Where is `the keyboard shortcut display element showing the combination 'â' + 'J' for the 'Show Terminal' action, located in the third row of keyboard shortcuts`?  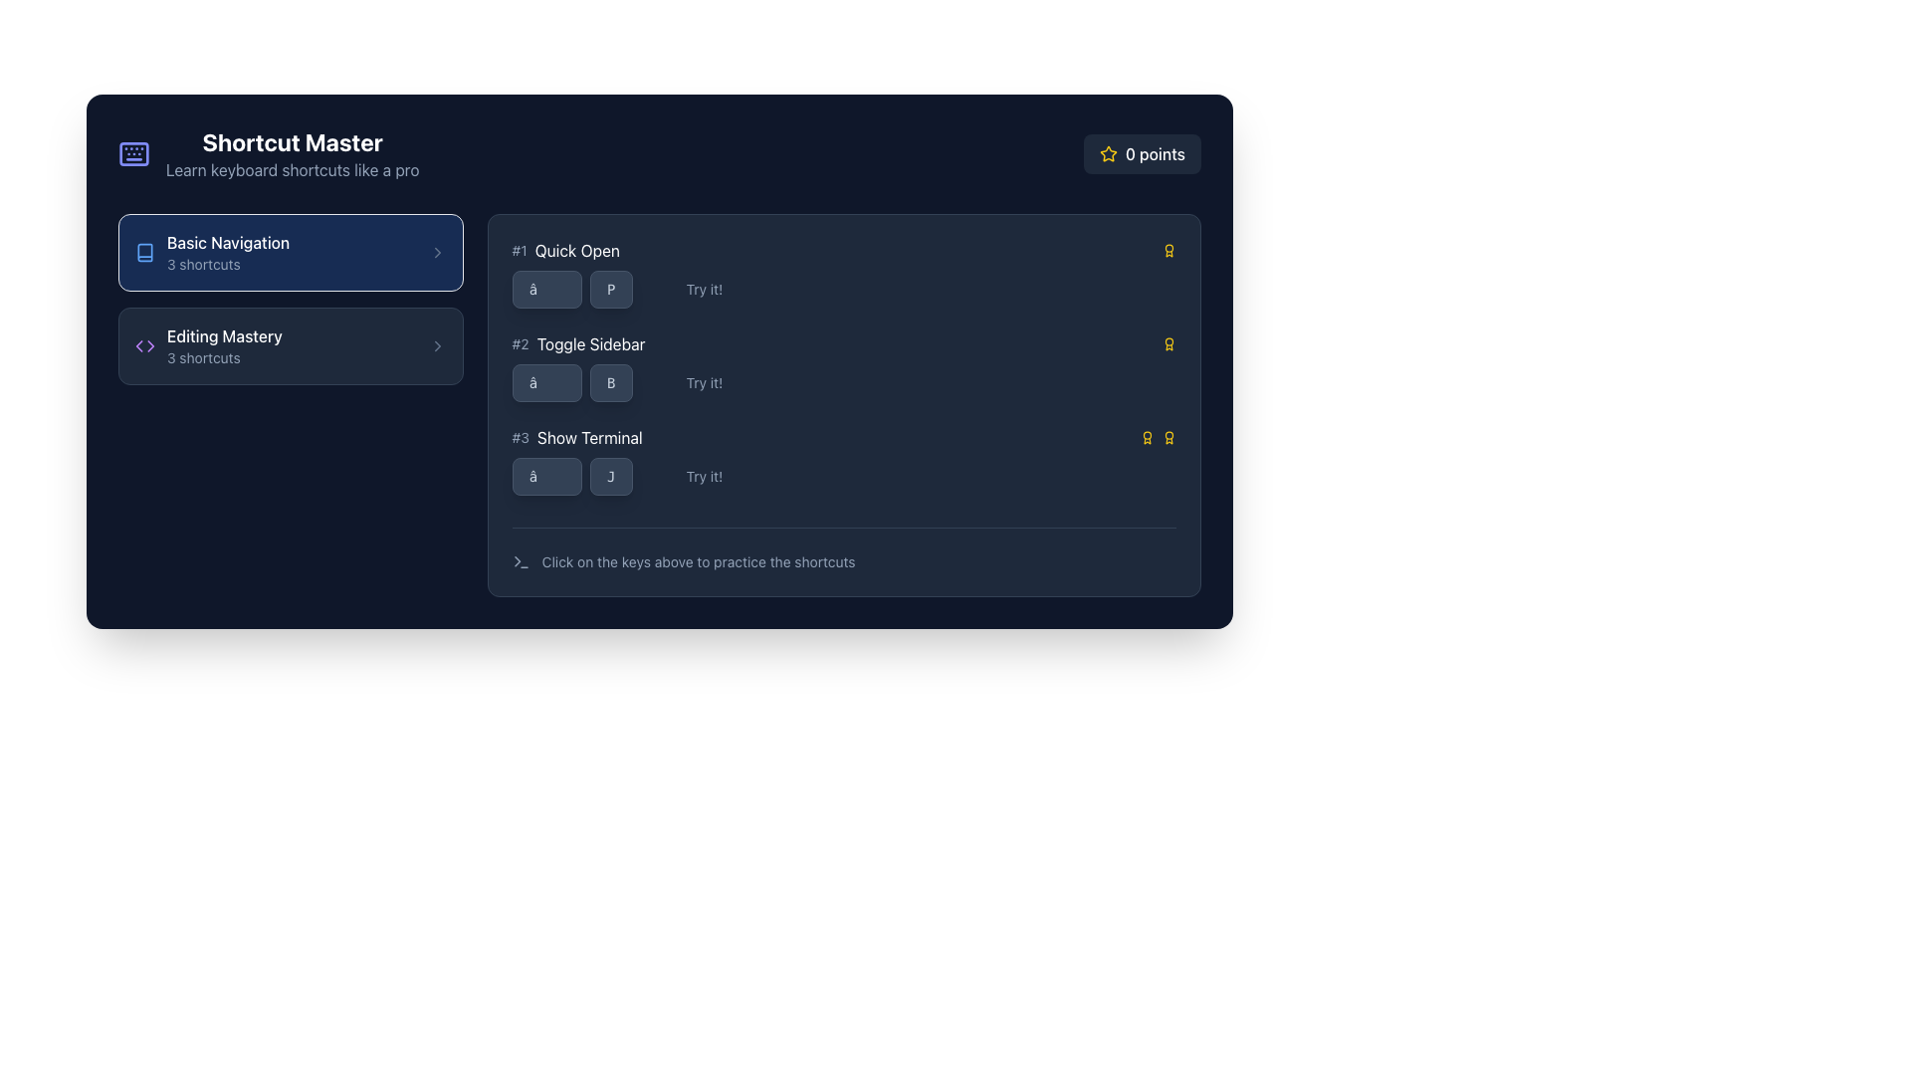
the keyboard shortcut display element showing the combination 'â' + 'J' for the 'Show Terminal' action, located in the third row of keyboard shortcuts is located at coordinates (571, 476).